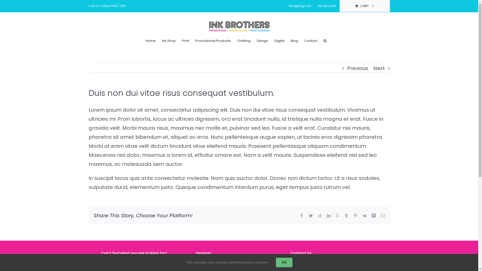 The image size is (482, 271). What do you see at coordinates (311, 215) in the screenshot?
I see `'Twitter'` at bounding box center [311, 215].